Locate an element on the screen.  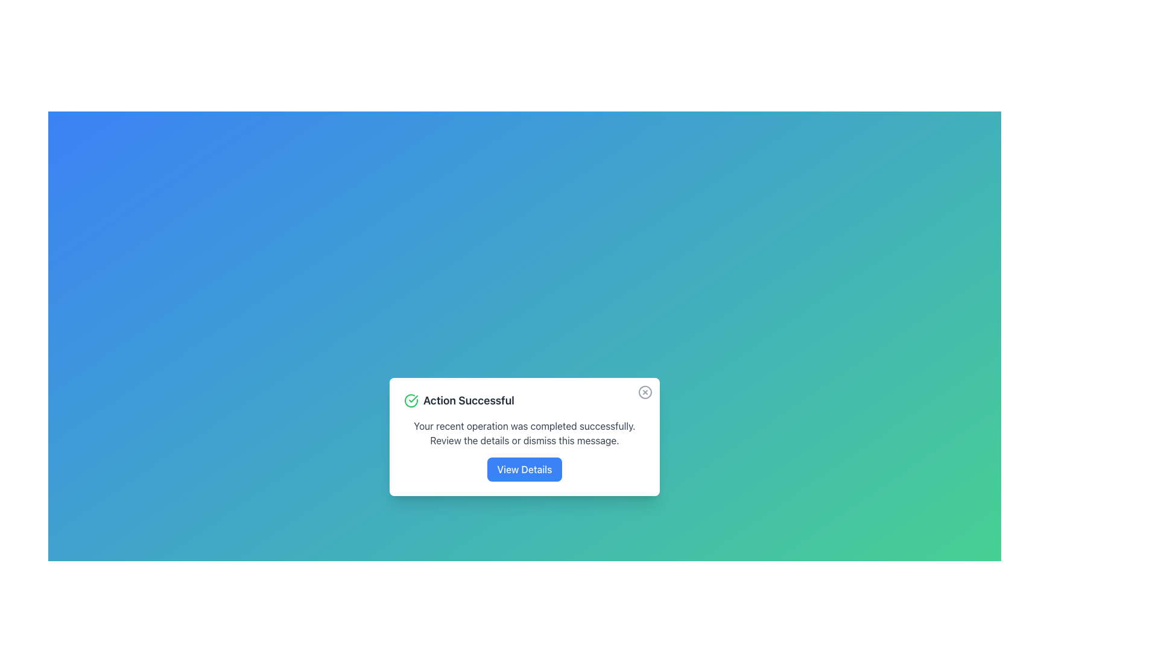
the 'View Details' button with a blue background and rounded corners to change its background color to a darker blue is located at coordinates (524, 469).